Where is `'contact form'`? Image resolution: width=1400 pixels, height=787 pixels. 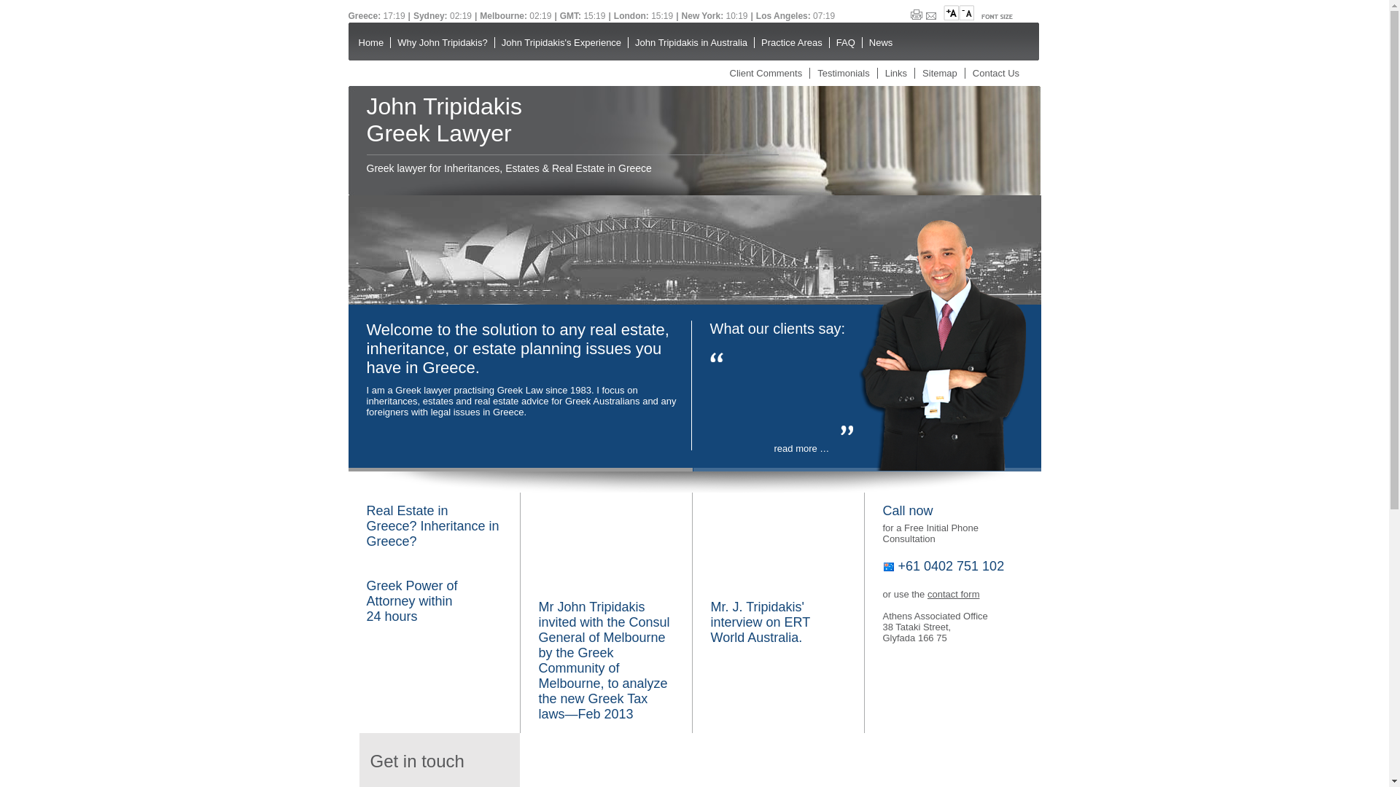 'contact form' is located at coordinates (953, 594).